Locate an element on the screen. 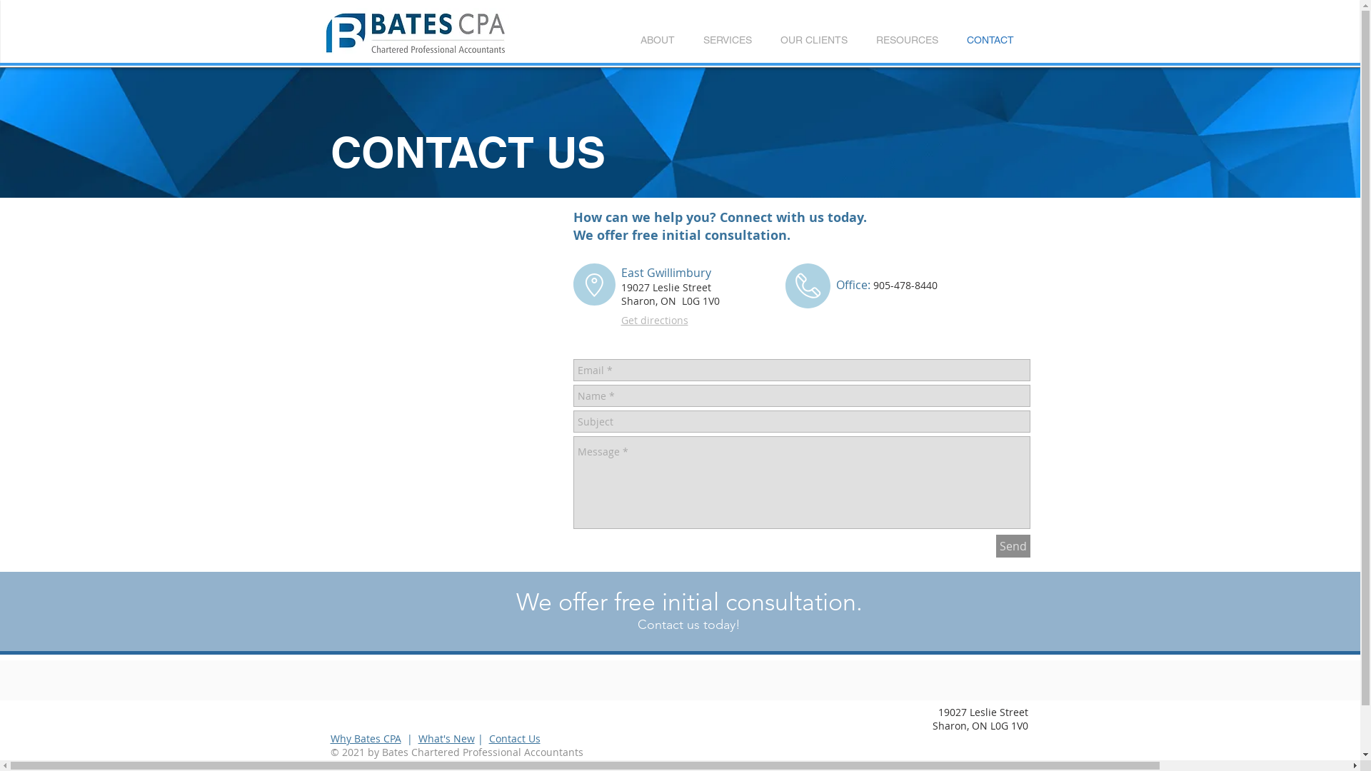  'Why Bates CPA' is located at coordinates (365, 738).